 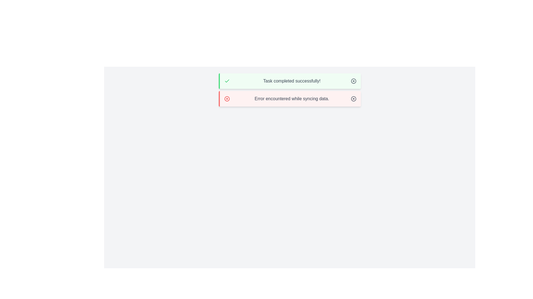 I want to click on the circular graphic component within the red alert box indicating an error, which is adjacent to the 'X' icon, so click(x=353, y=99).